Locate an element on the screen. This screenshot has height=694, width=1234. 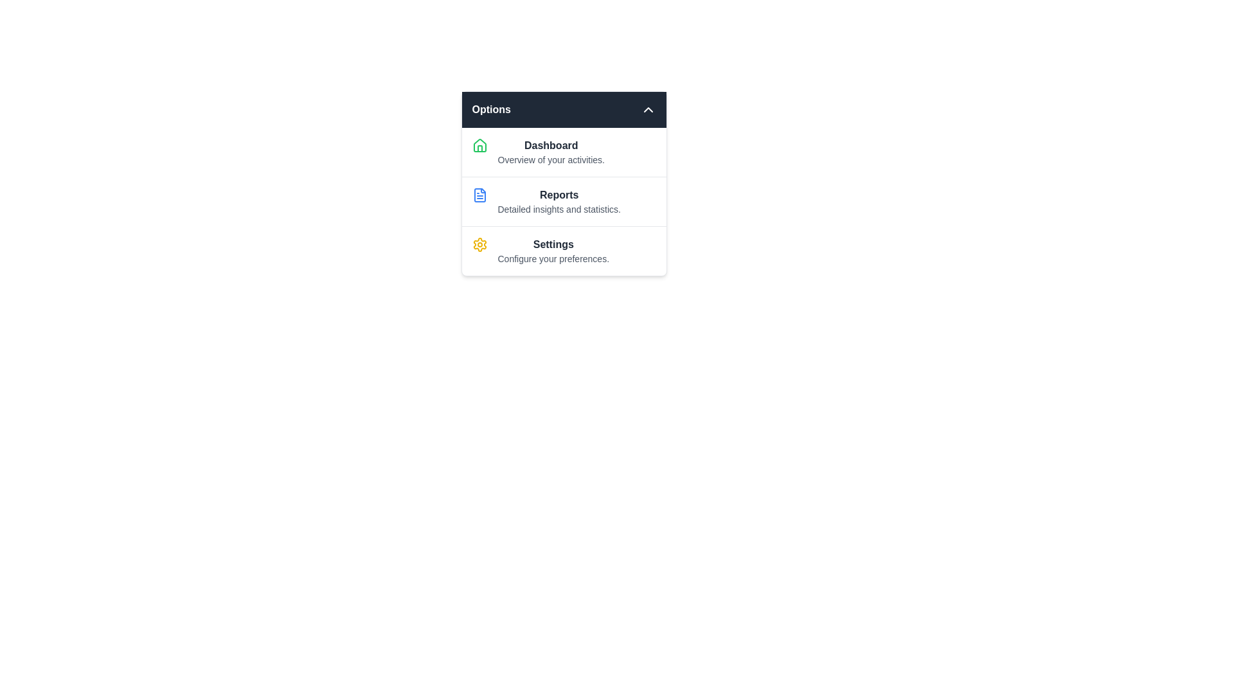
the small vertical rectangle with a green outline that is part of the house icon to the left of the 'Dashboard' text label in the UI menu is located at coordinates (479, 148).